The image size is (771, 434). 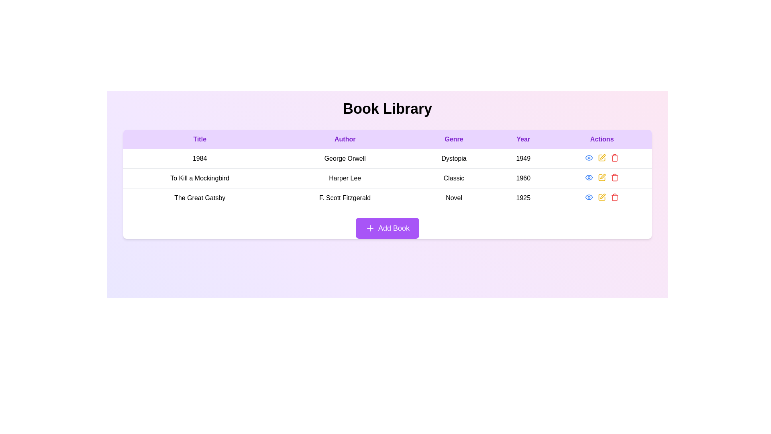 I want to click on the text label indicating authors in the table header, which is positioned between the 'Title' and 'Genre' labels, so click(x=345, y=139).